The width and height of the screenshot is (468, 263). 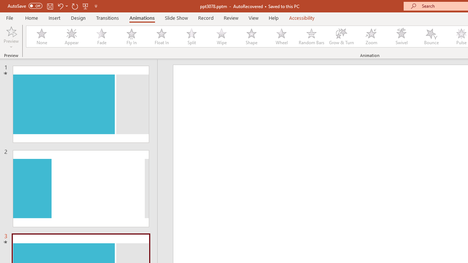 I want to click on 'Shape', so click(x=252, y=37).